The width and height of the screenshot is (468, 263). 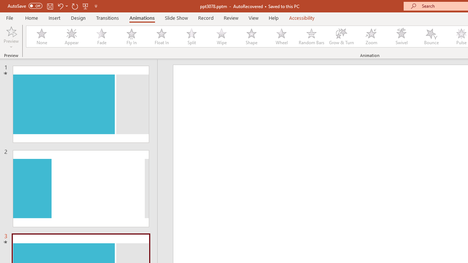 I want to click on 'Shape', so click(x=252, y=37).